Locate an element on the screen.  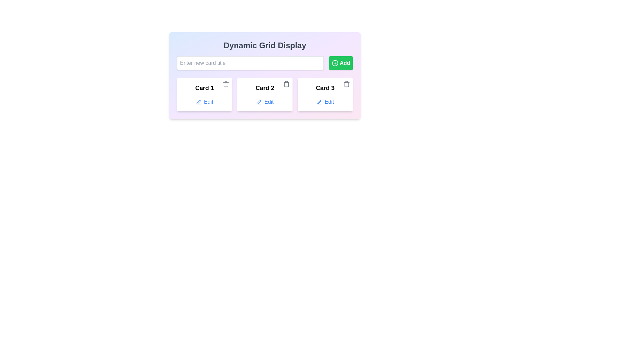
the text 'Dynamic Grid Display' which is prominently displayed in bold, large gray font at the top of the interface is located at coordinates (265, 45).